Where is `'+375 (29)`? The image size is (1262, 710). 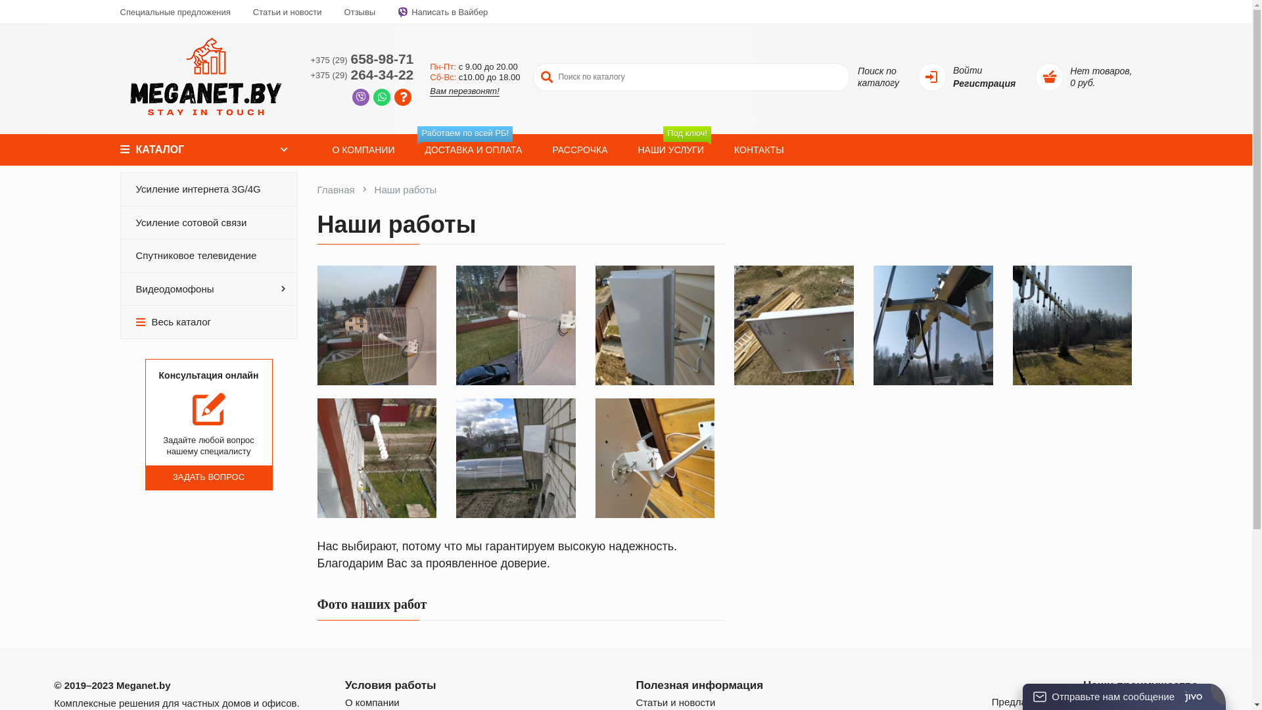
'+375 (29) is located at coordinates (362, 58).